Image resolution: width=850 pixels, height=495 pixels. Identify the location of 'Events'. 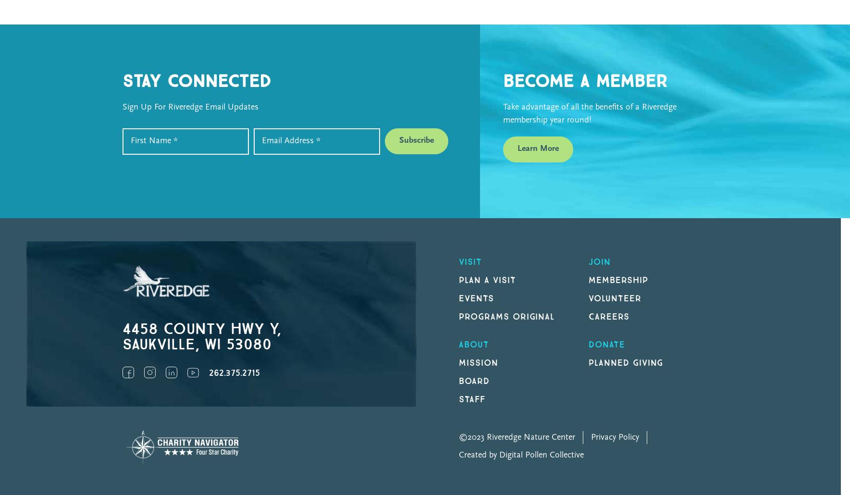
(459, 297).